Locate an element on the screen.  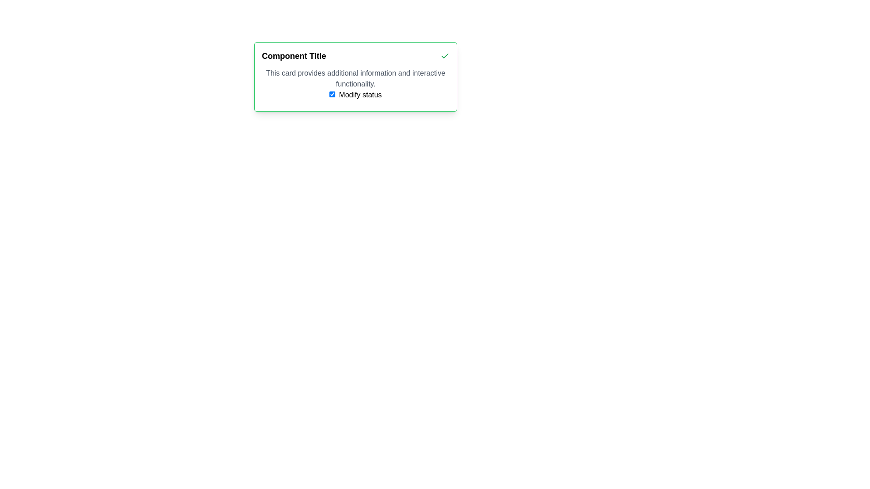
the checkbox located to the left of the text 'Modify status' is located at coordinates (332, 94).